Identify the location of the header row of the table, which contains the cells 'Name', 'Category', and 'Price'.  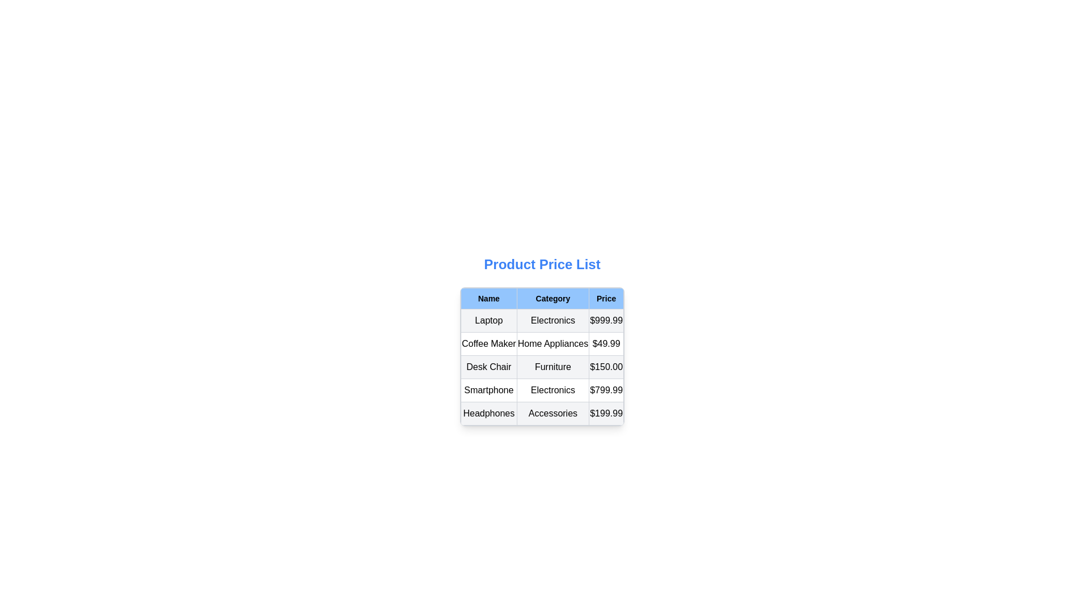
(541, 298).